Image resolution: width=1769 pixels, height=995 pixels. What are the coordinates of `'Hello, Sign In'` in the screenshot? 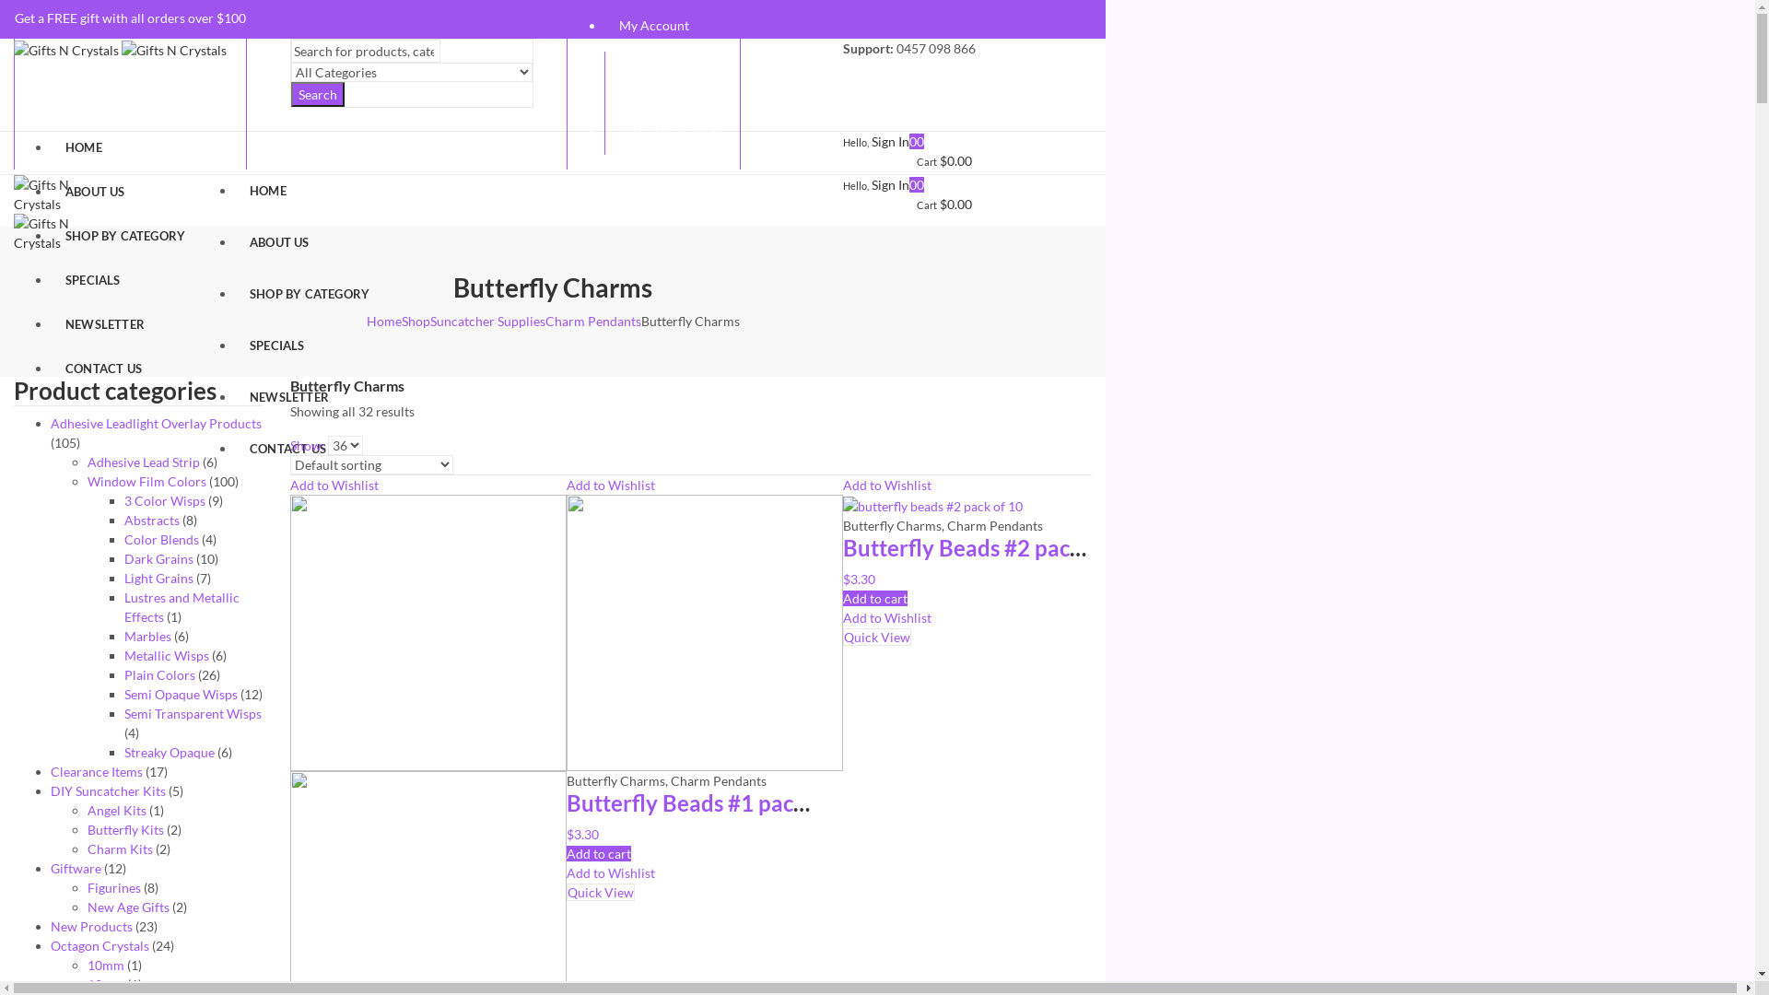 It's located at (842, 184).